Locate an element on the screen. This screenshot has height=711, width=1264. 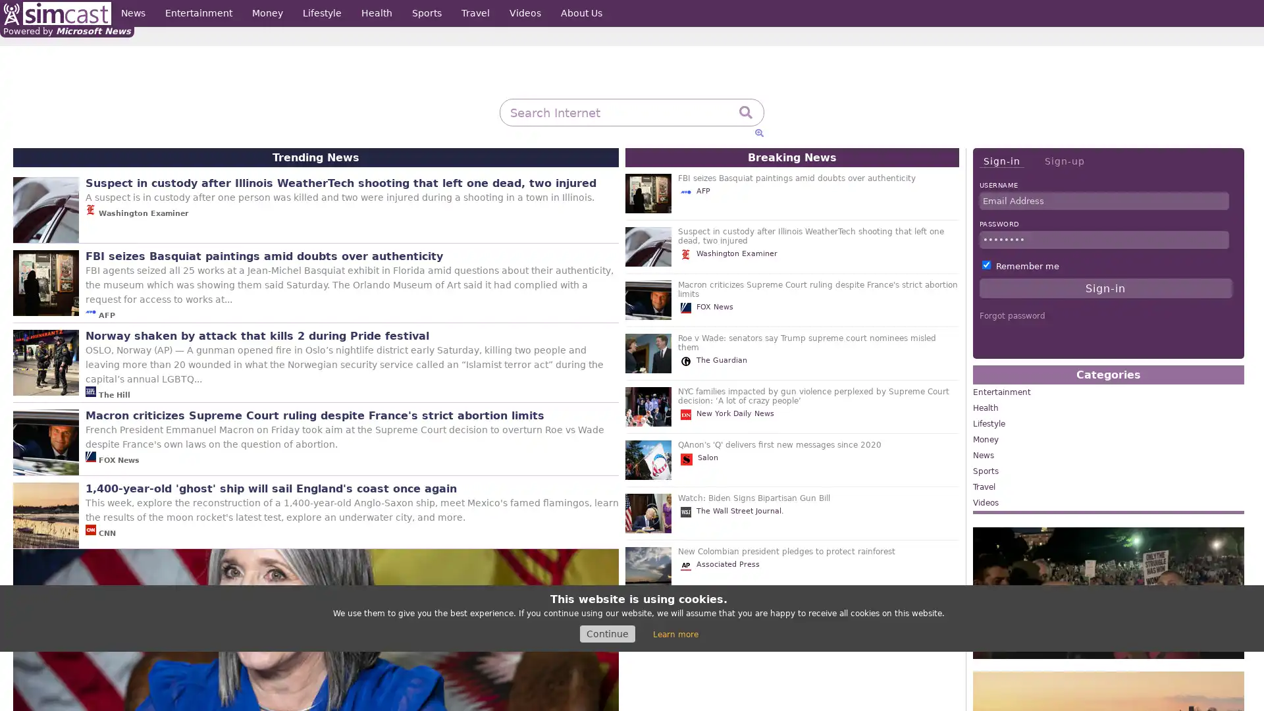
Continue is located at coordinates (606, 633).